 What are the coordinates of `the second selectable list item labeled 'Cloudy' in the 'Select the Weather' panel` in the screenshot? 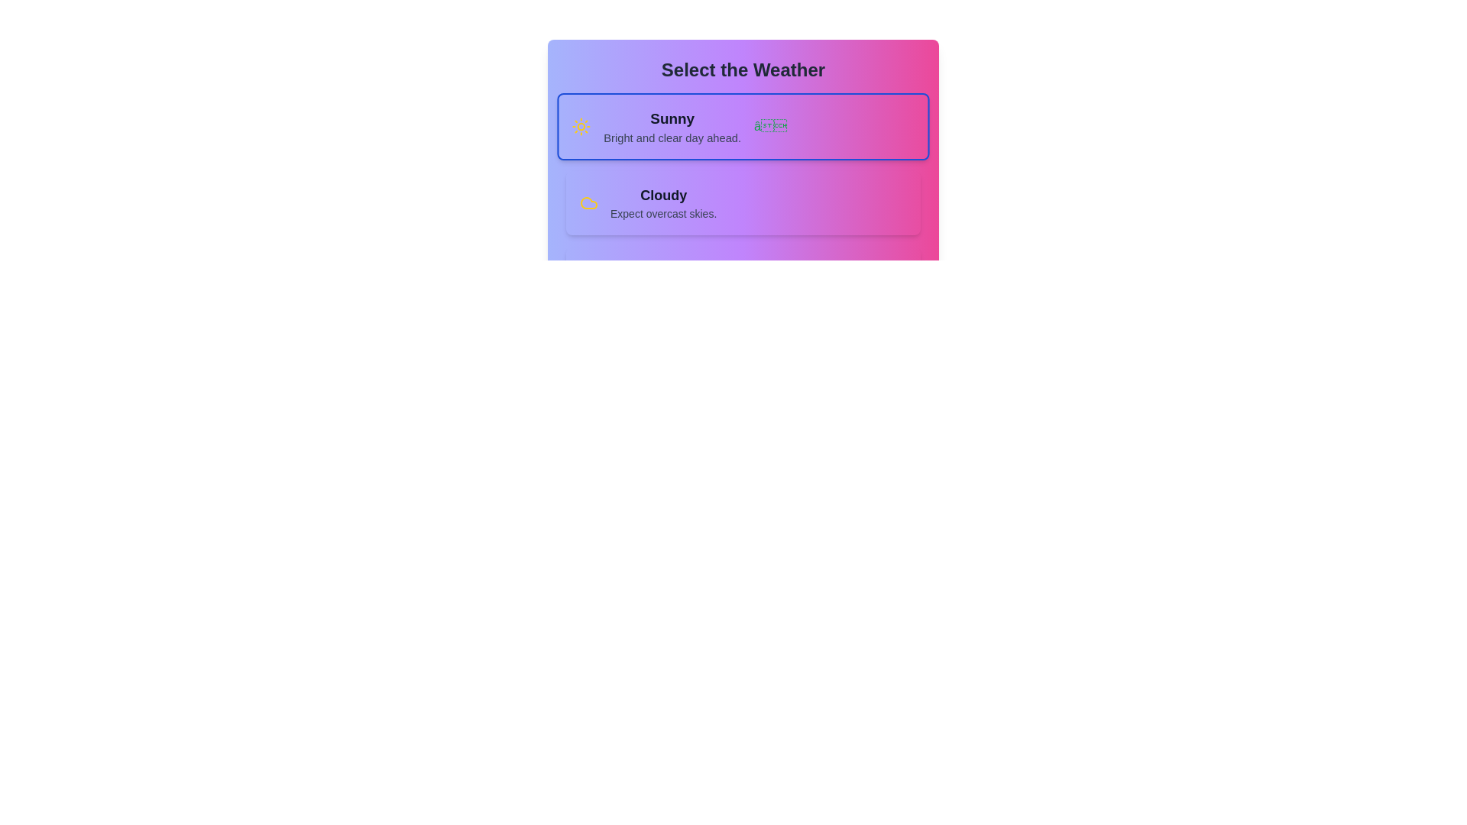 It's located at (743, 202).